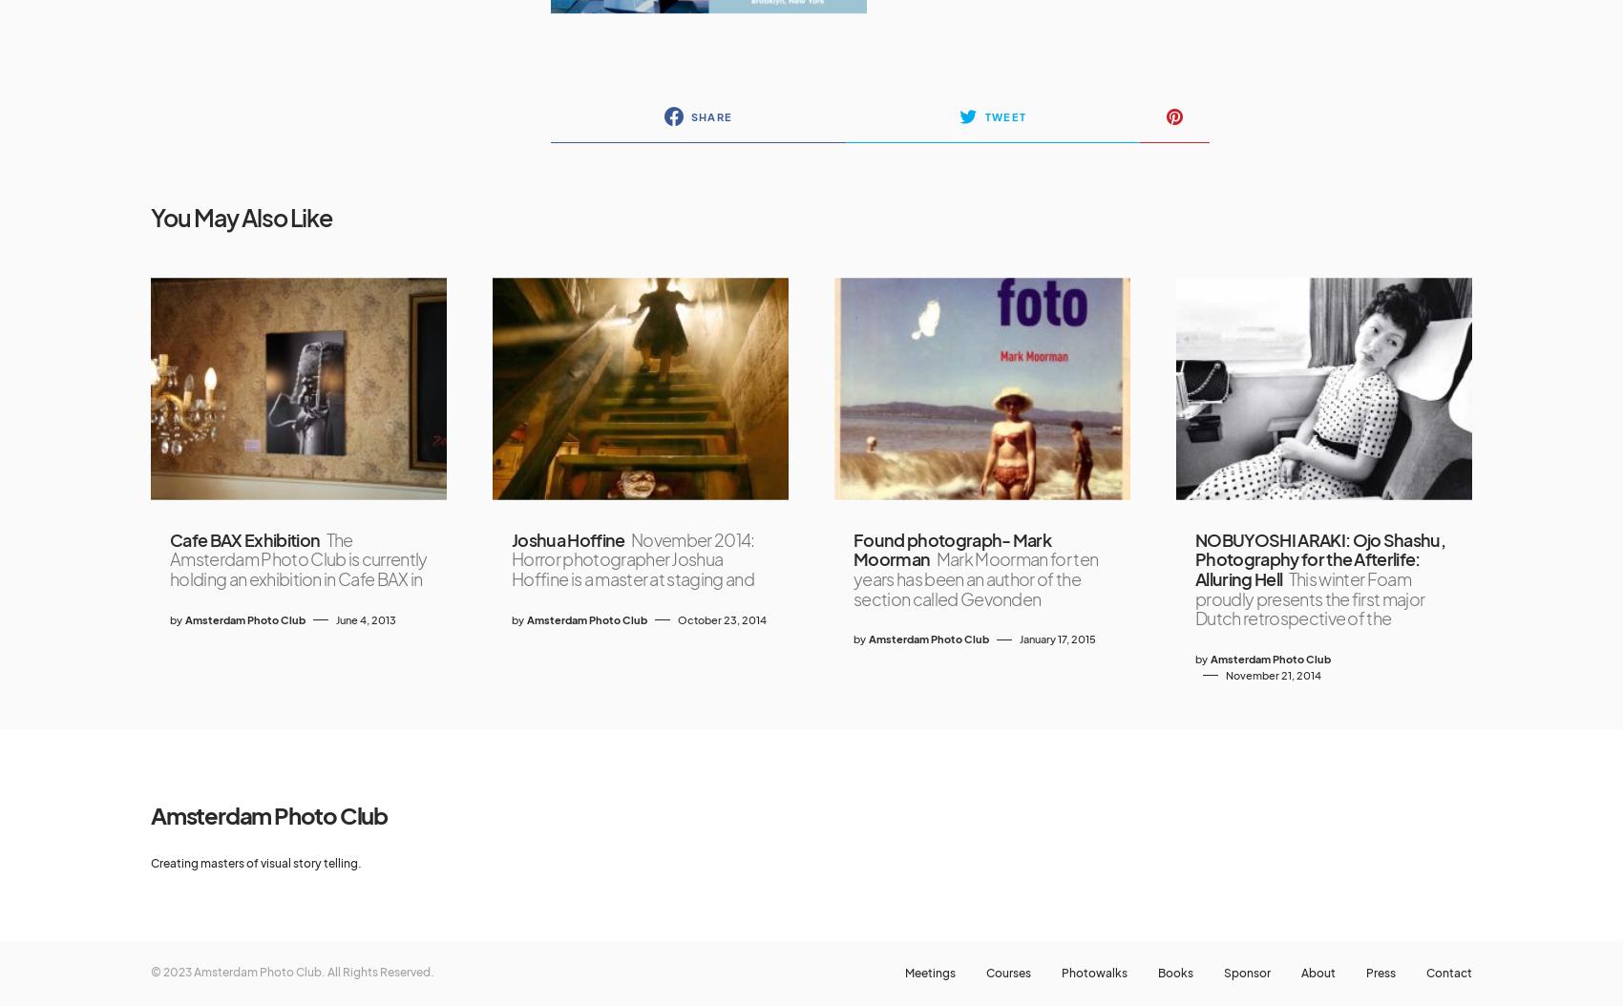  I want to click on 'January 17, 2015', so click(1058, 639).